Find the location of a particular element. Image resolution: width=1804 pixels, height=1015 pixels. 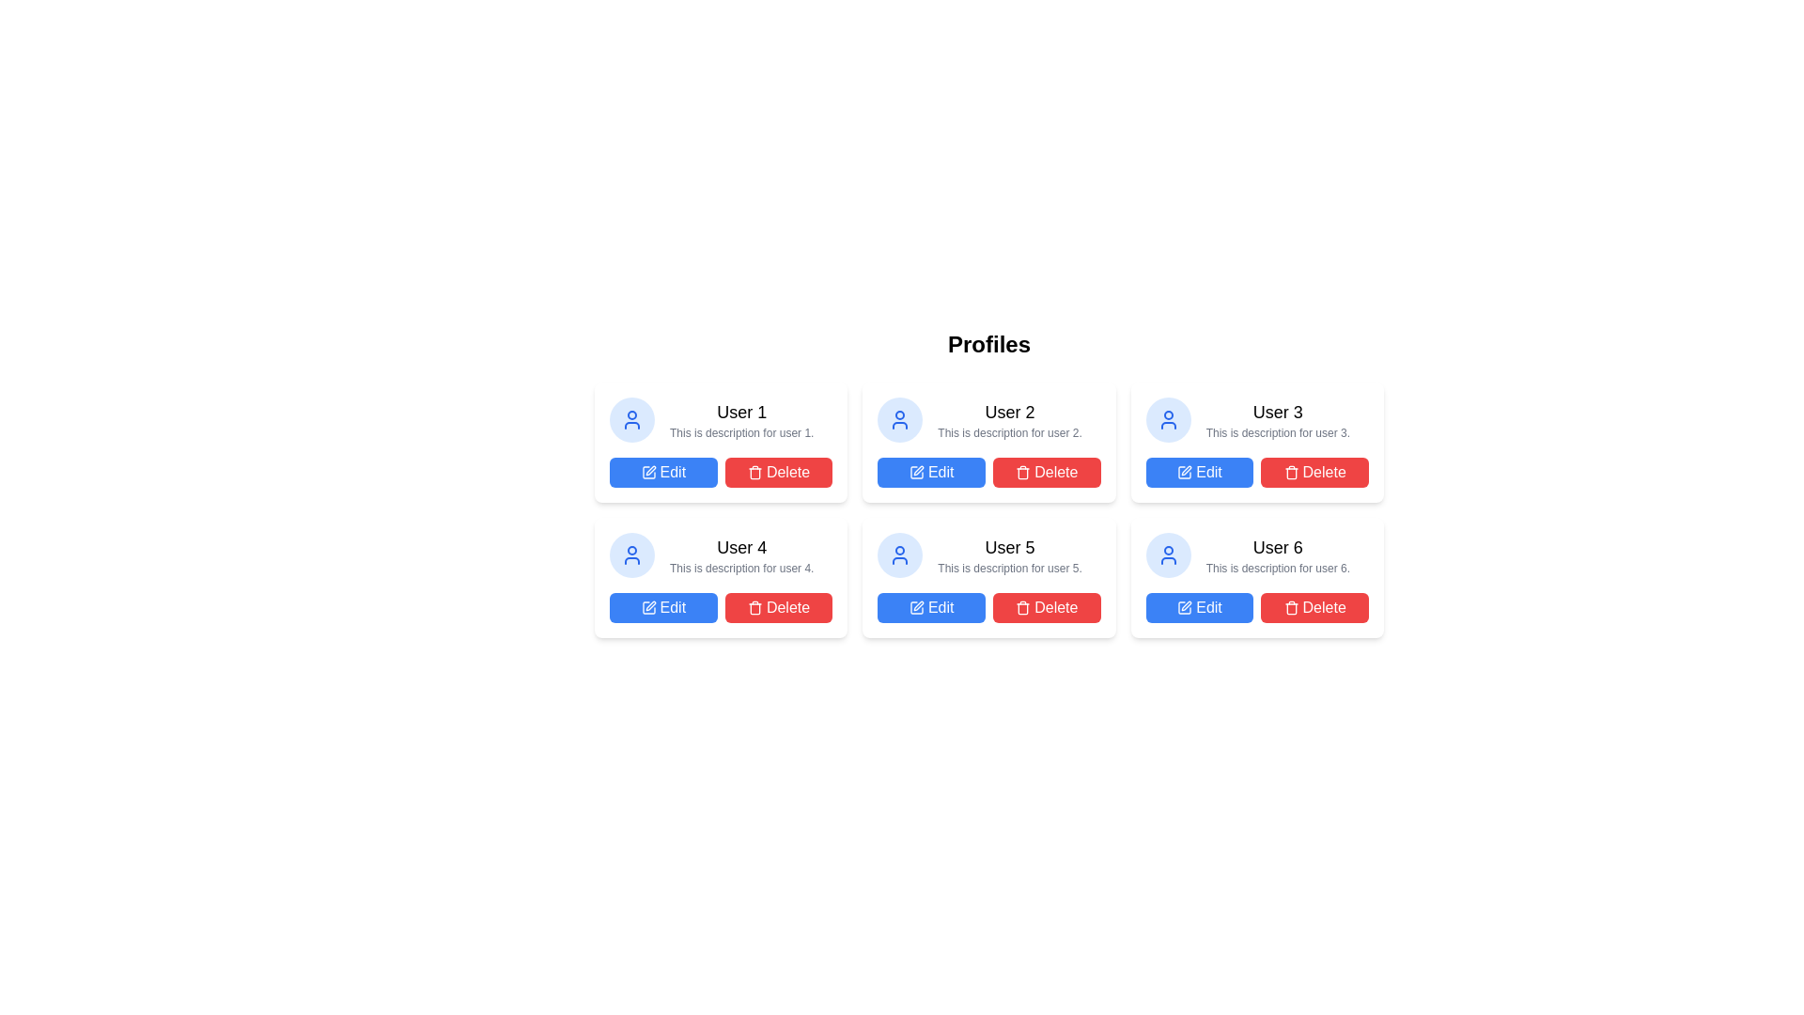

the 'Delete' button, which is a red button with a trash can icon, located at the bottom of the 'User 2' card is located at coordinates (988, 471).